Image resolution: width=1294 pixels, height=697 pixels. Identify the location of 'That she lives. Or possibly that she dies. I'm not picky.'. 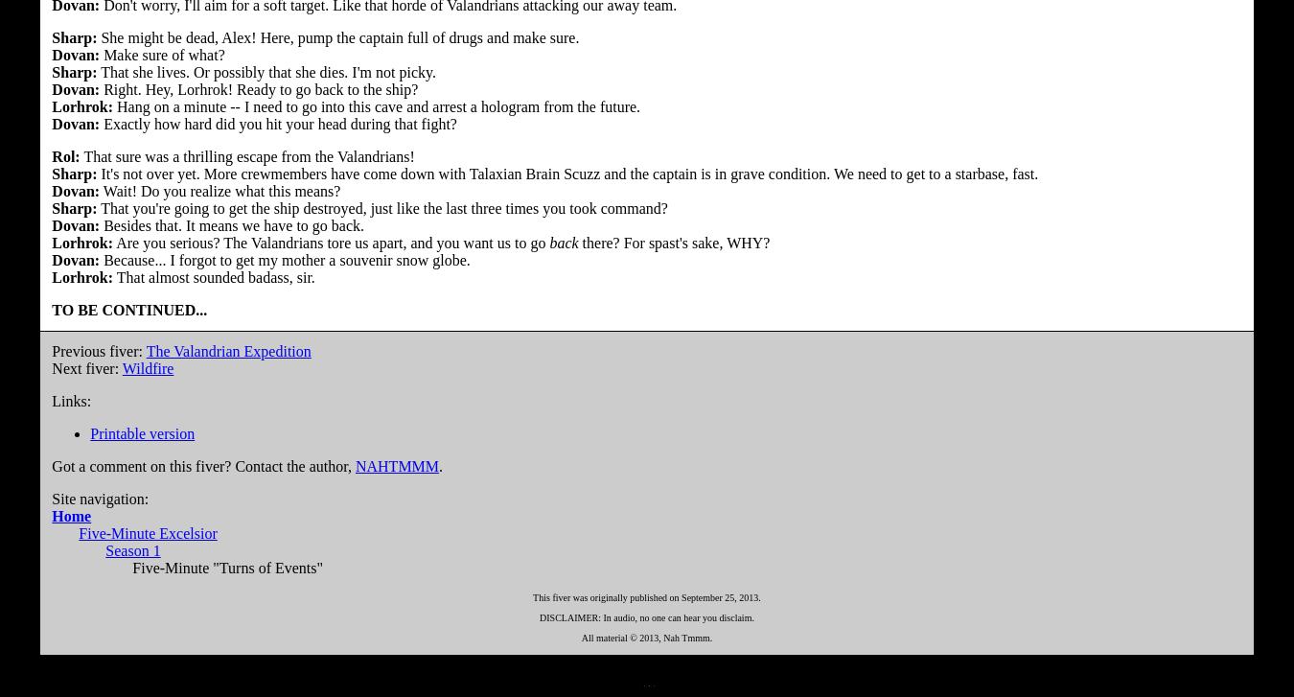
(265, 71).